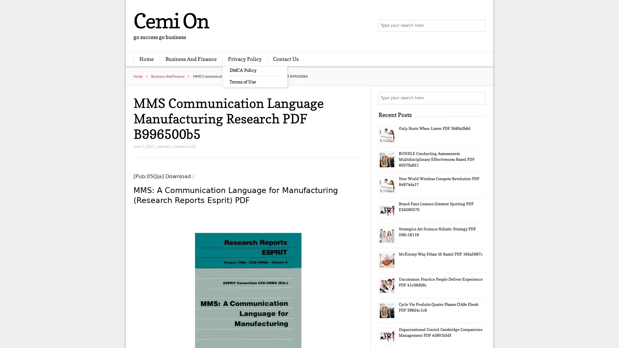 The height and width of the screenshot is (348, 619). What do you see at coordinates (479, 98) in the screenshot?
I see `Search` at bounding box center [479, 98].